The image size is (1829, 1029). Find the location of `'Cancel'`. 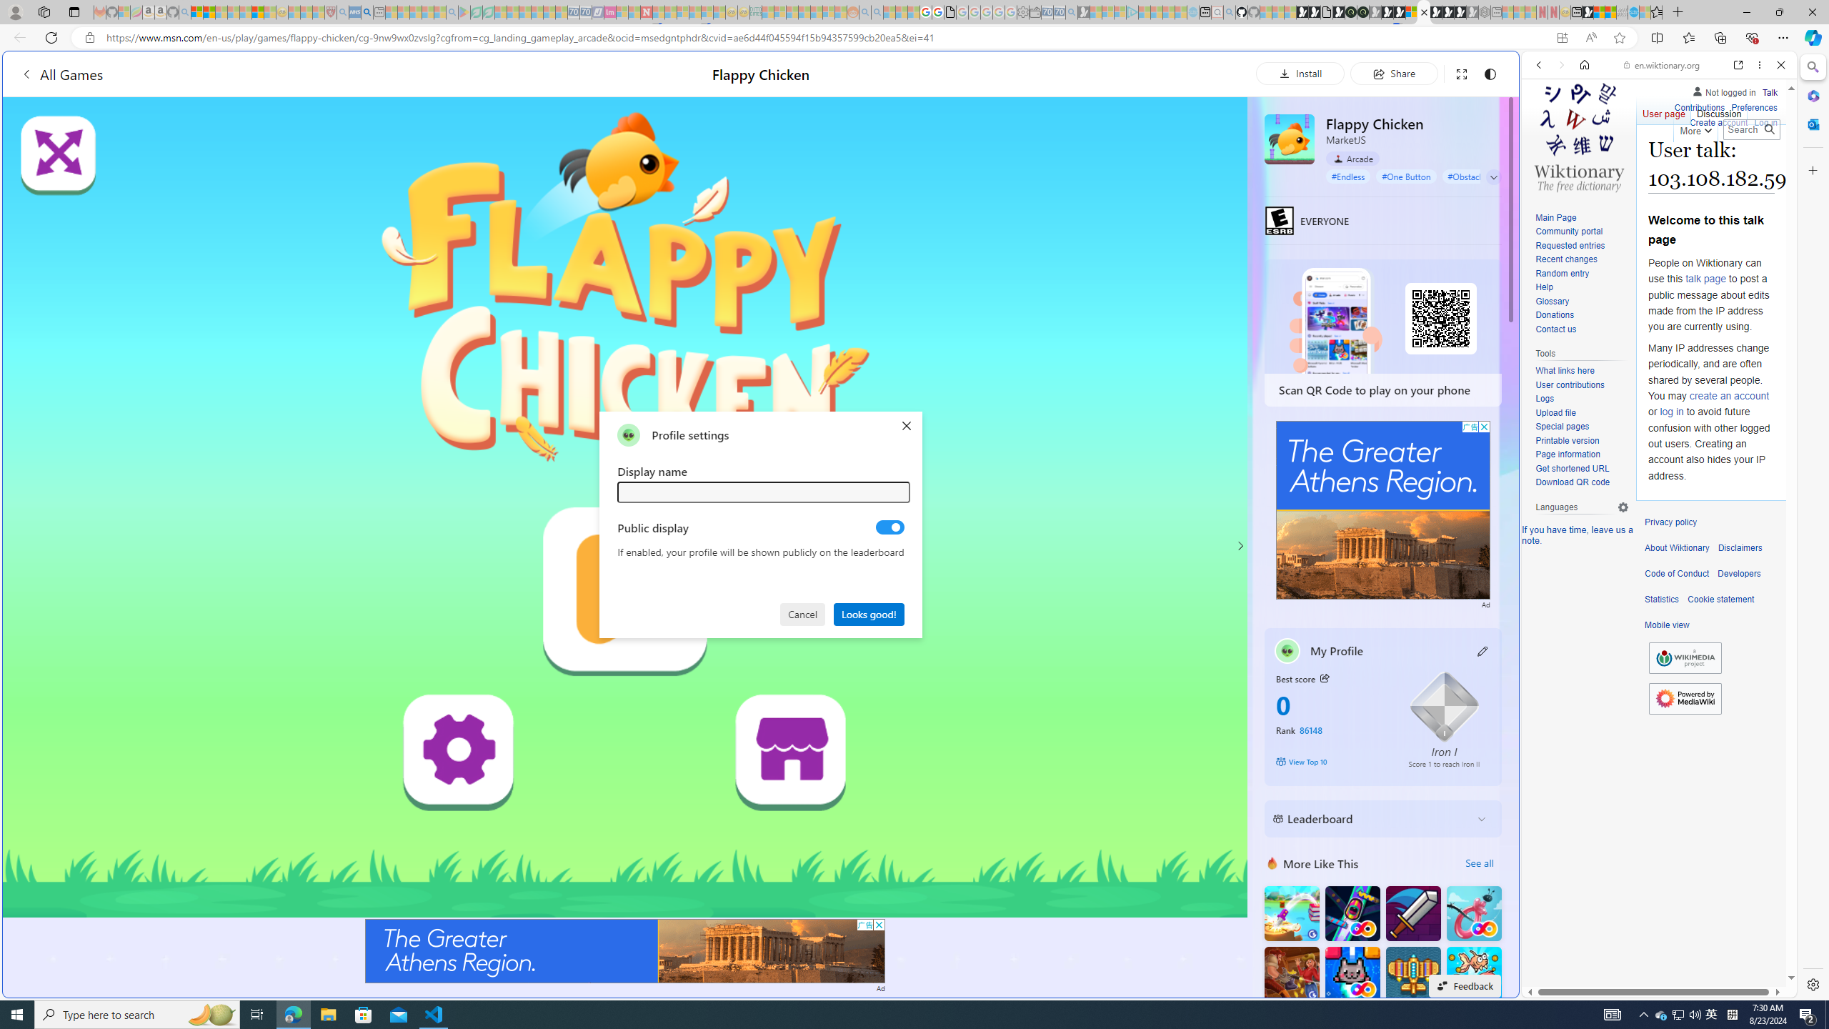

'Cancel' is located at coordinates (804, 612).